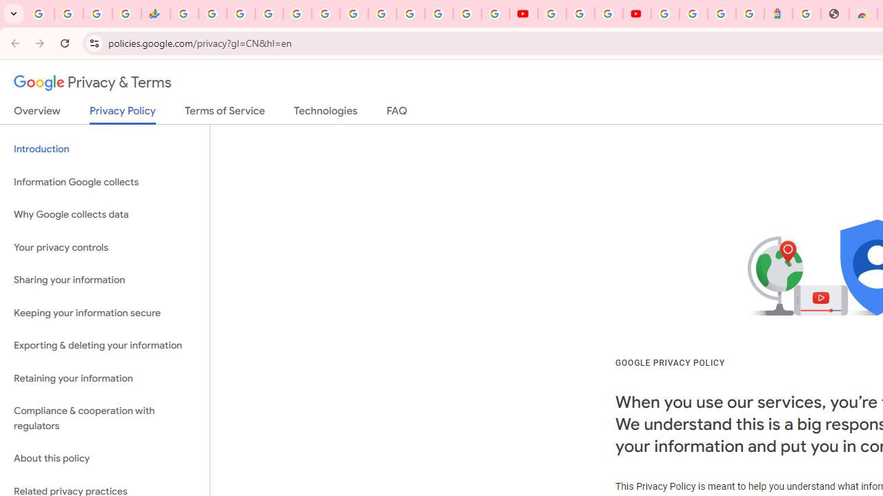  Describe the element at coordinates (523, 14) in the screenshot. I see `'YouTube'` at that location.